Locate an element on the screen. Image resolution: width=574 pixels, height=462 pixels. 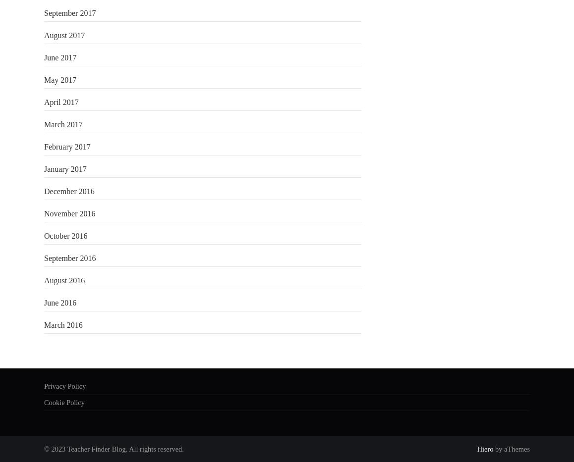
'December 2016' is located at coordinates (68, 191).